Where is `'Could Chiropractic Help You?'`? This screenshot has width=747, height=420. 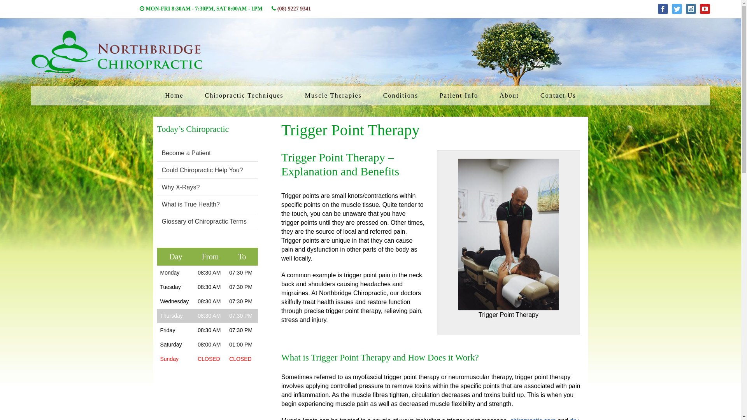 'Could Chiropractic Help You?' is located at coordinates (161, 170).